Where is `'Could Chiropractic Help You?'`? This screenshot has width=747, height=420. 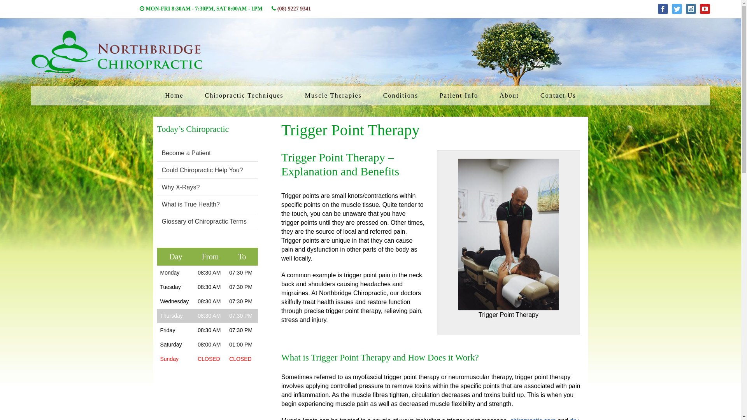 'Could Chiropractic Help You?' is located at coordinates (161, 170).